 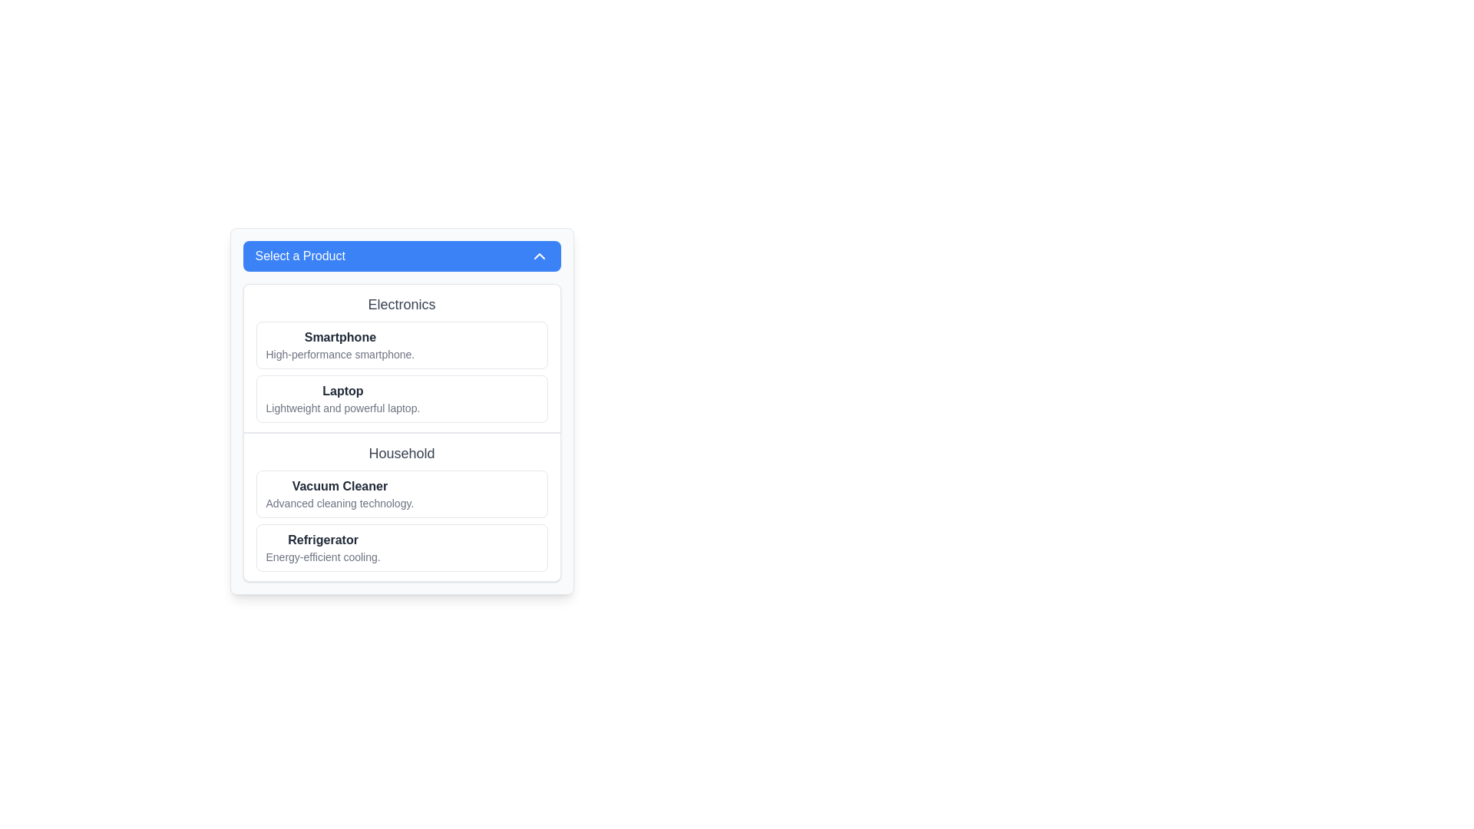 I want to click on the List item labeled 'Smartphone' which contains a bold title and descriptive text, so click(x=339, y=345).